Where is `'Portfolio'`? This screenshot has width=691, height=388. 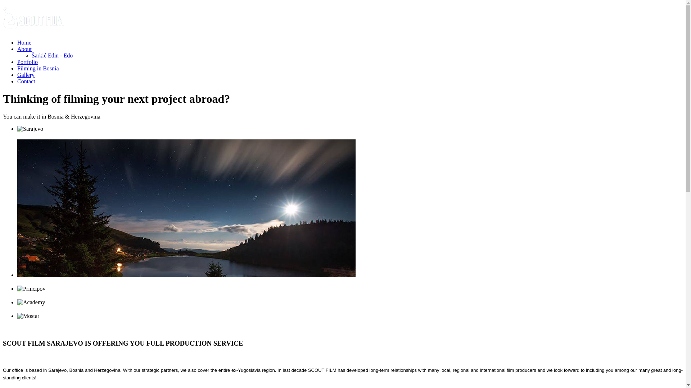
'Portfolio' is located at coordinates (27, 61).